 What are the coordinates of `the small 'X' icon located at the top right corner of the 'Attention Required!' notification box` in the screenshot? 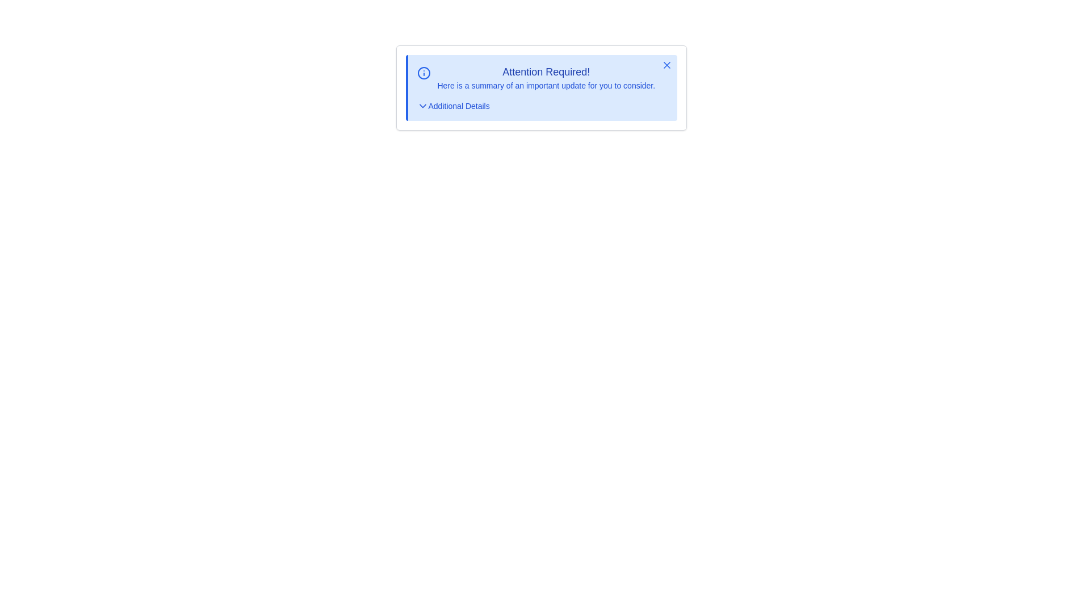 It's located at (666, 65).